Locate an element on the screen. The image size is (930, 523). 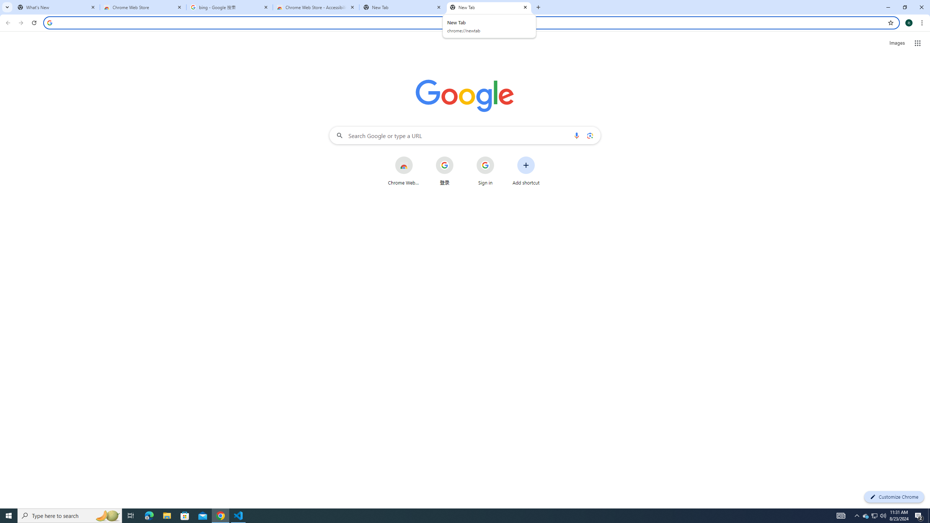
'What' is located at coordinates (56, 7).